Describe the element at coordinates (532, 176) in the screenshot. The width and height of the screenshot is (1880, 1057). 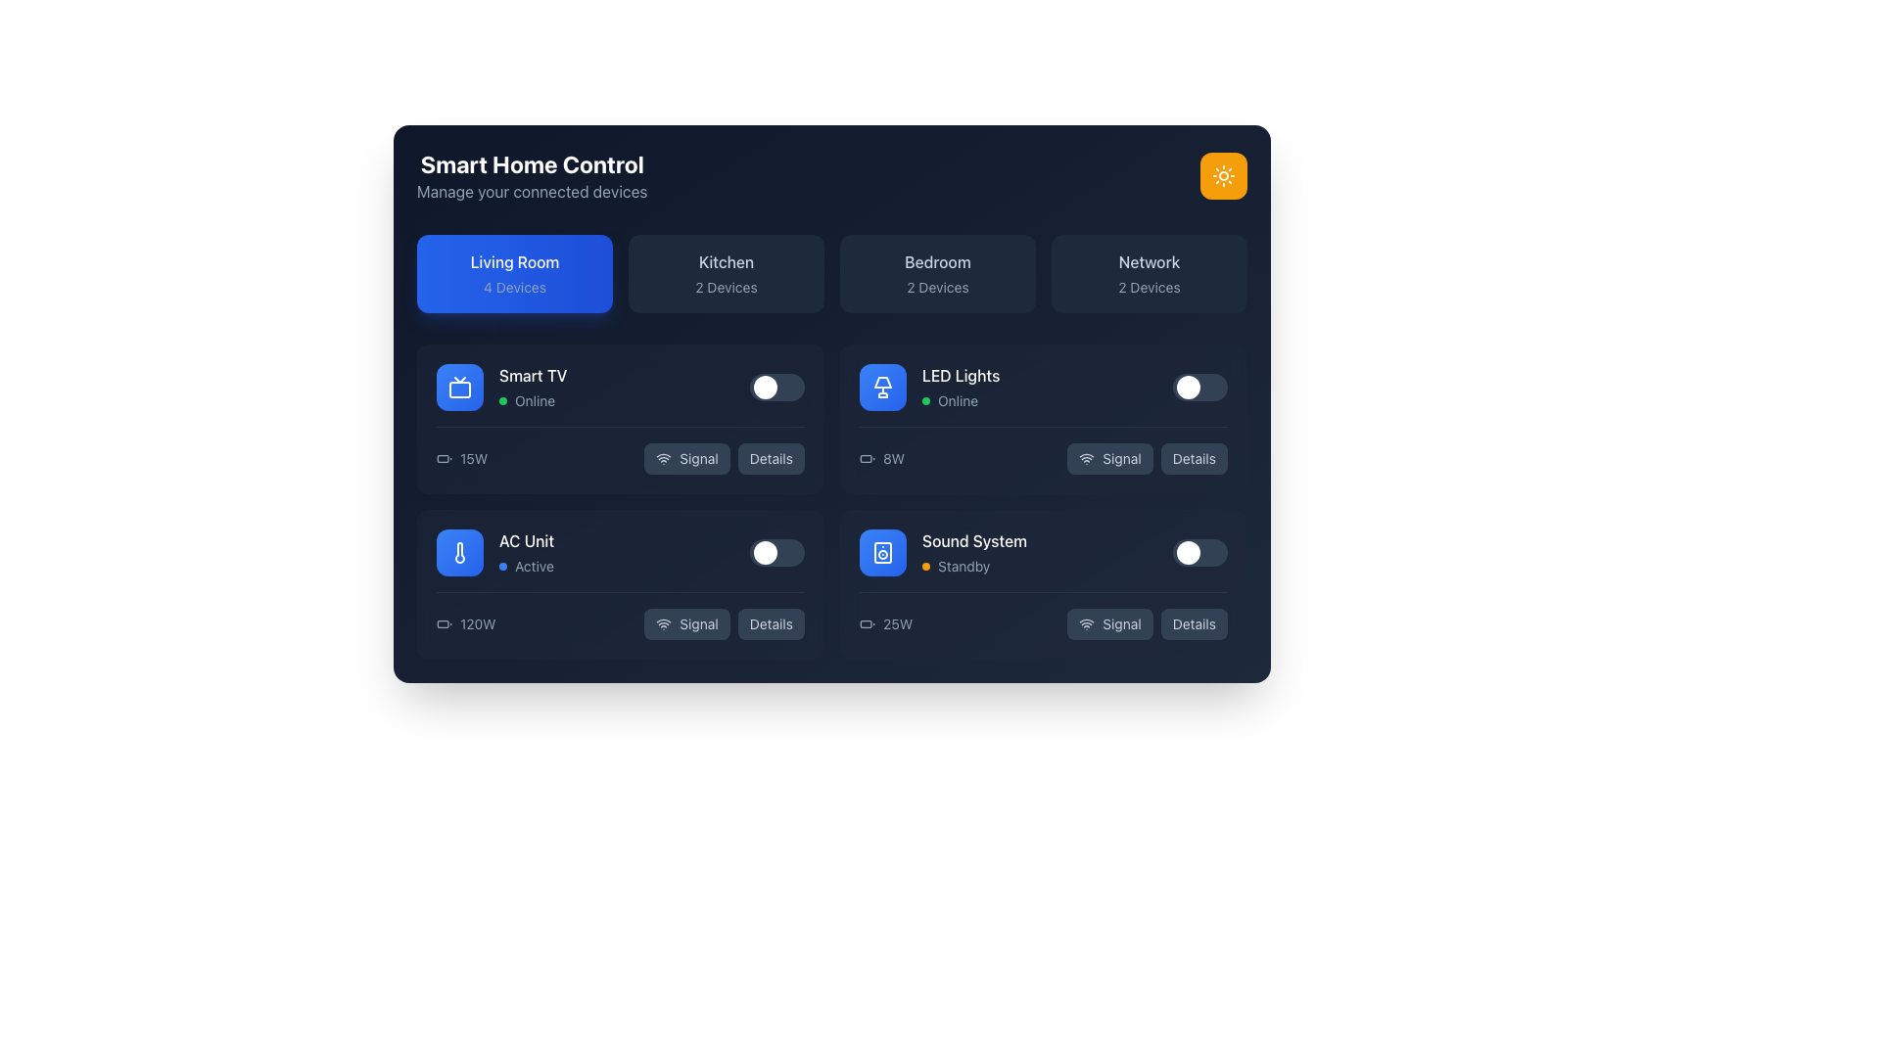
I see `the Text block that has the heading 'Smart Home Control' and subtitle 'Manage your connected devices', located in the top-left section of the interface` at that location.